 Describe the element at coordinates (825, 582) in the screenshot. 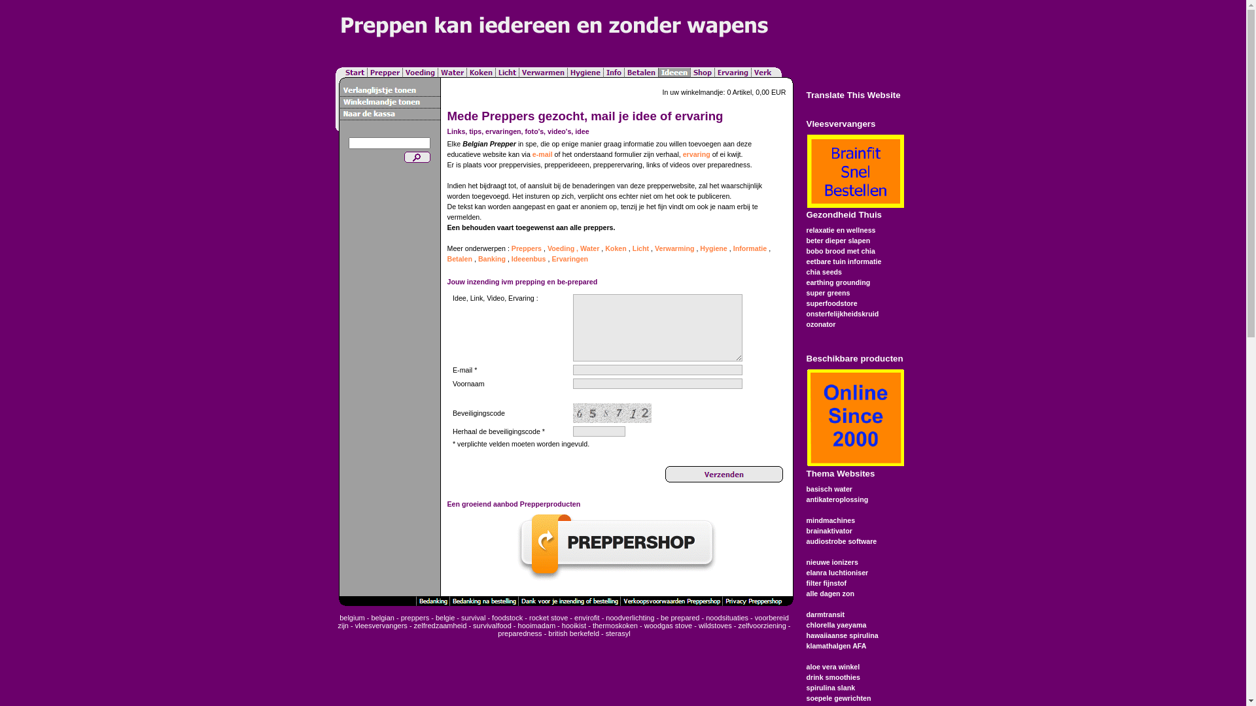

I see `'filter fijnstof'` at that location.